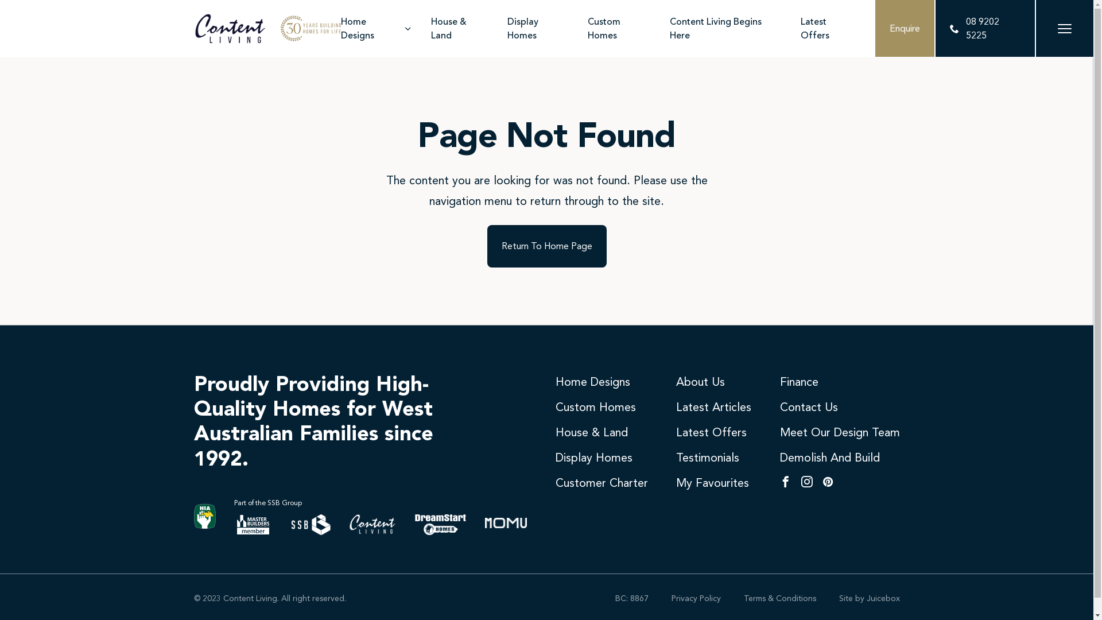 Image resolution: width=1102 pixels, height=620 pixels. Describe the element at coordinates (870, 598) in the screenshot. I see `'Site by Juicebox'` at that location.